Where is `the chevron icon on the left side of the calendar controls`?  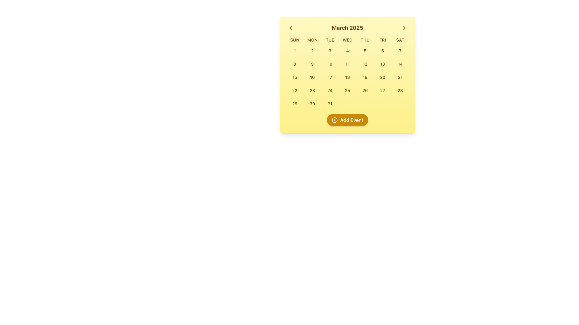
the chevron icon on the left side of the calendar controls is located at coordinates (291, 28).